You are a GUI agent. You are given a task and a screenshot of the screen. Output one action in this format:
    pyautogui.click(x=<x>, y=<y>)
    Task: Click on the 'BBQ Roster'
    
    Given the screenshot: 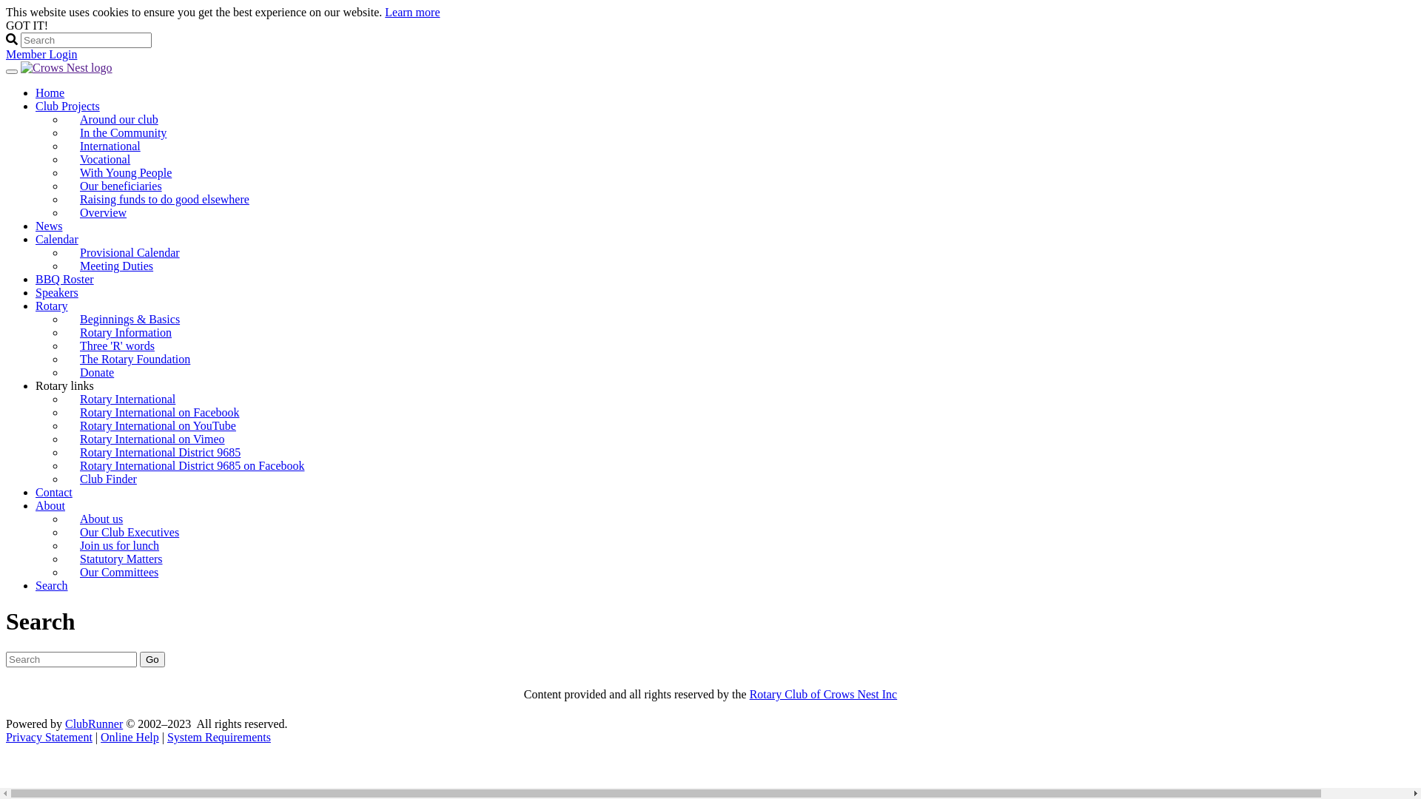 What is the action you would take?
    pyautogui.click(x=64, y=279)
    